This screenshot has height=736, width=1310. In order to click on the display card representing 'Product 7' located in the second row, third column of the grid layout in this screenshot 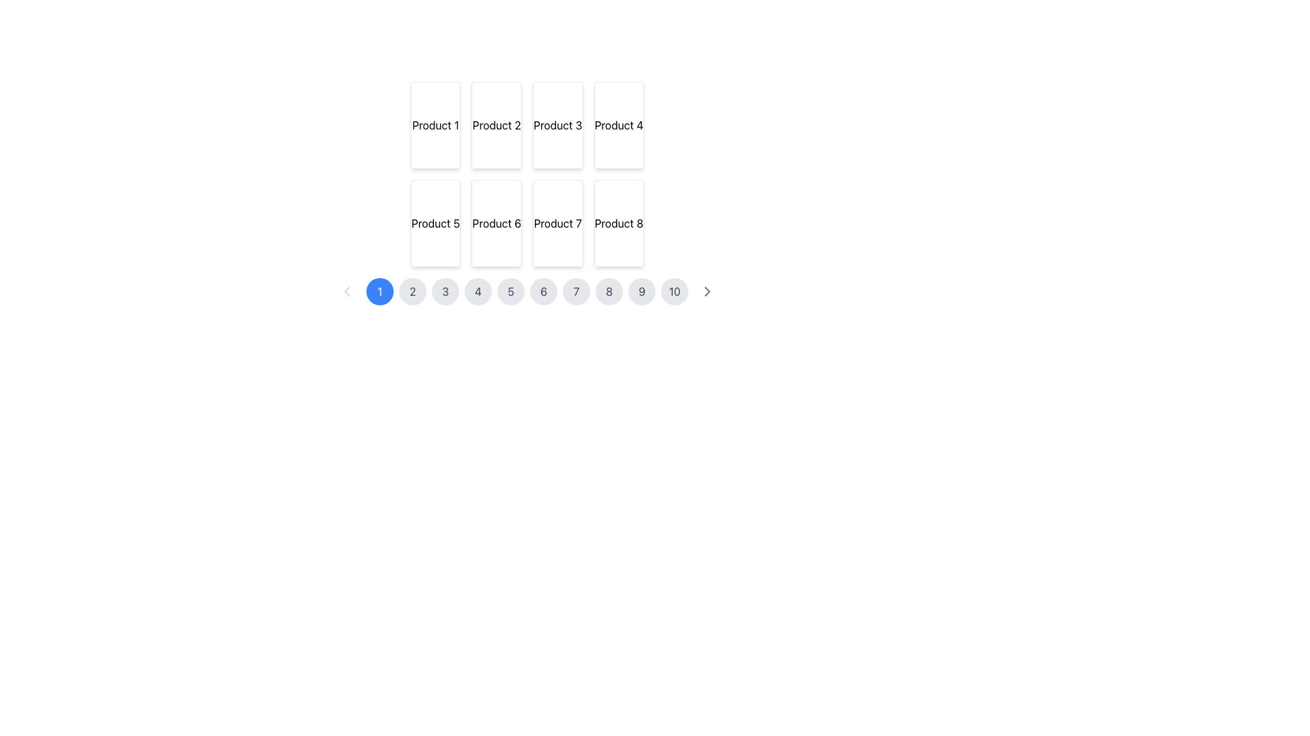, I will do `click(557, 222)`.